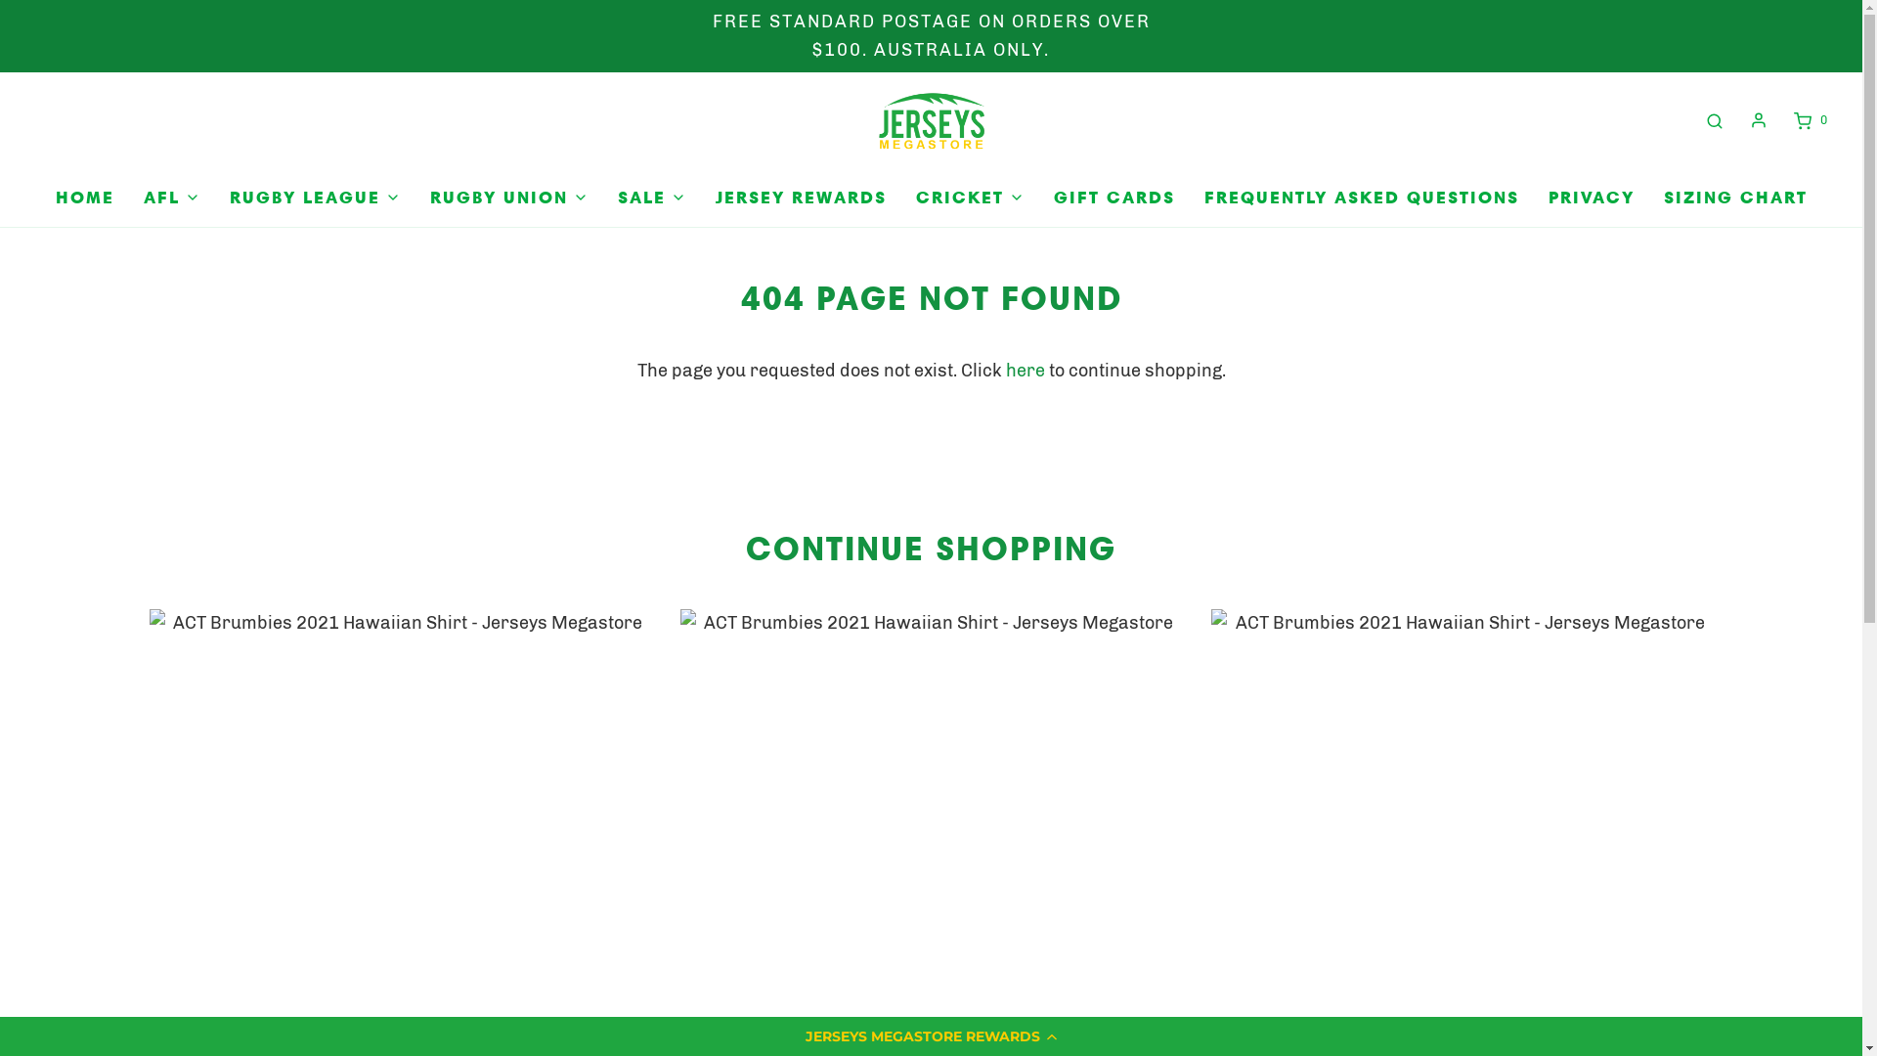  Describe the element at coordinates (314, 198) in the screenshot. I see `'RUGBY LEAGUE'` at that location.